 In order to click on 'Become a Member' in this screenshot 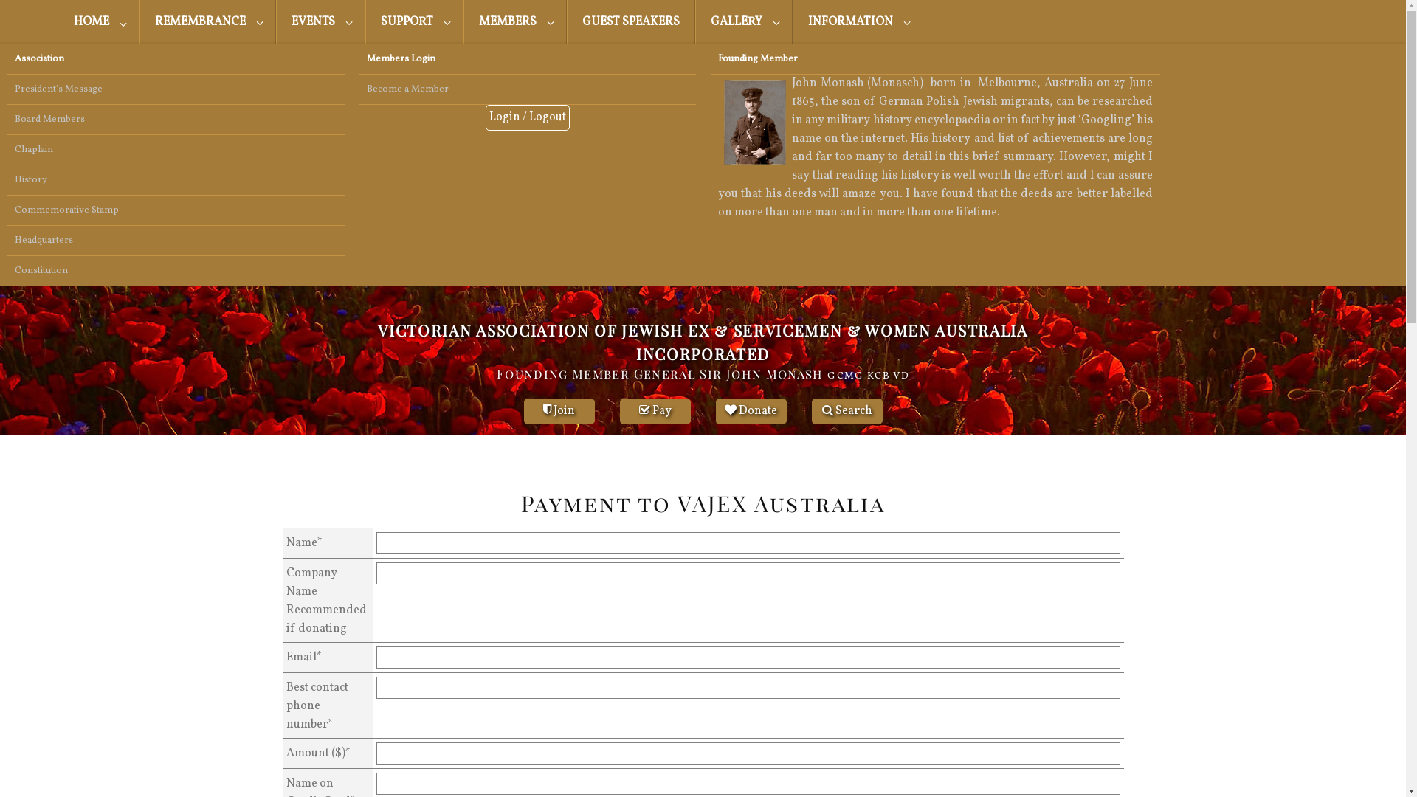, I will do `click(527, 89)`.